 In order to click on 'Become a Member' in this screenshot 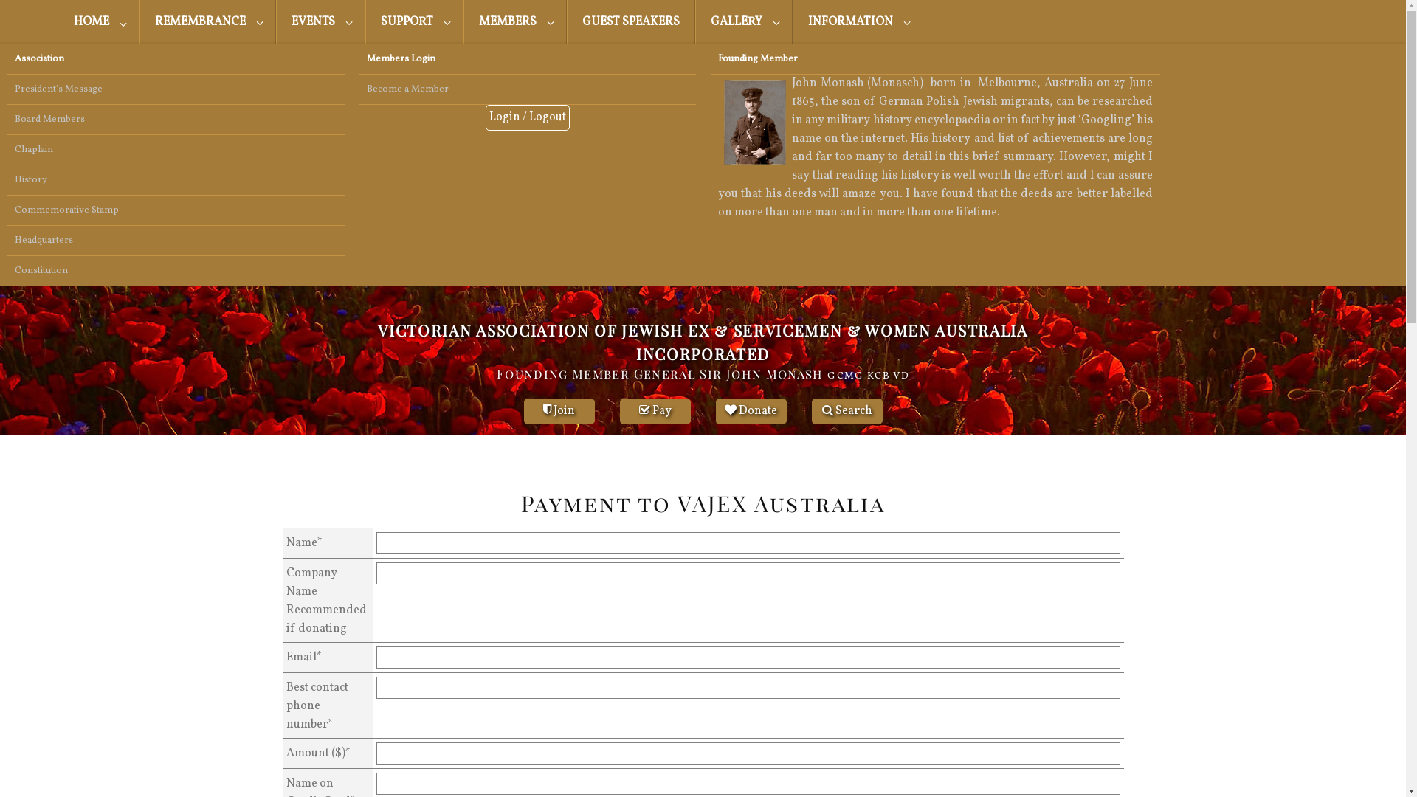, I will do `click(527, 89)`.